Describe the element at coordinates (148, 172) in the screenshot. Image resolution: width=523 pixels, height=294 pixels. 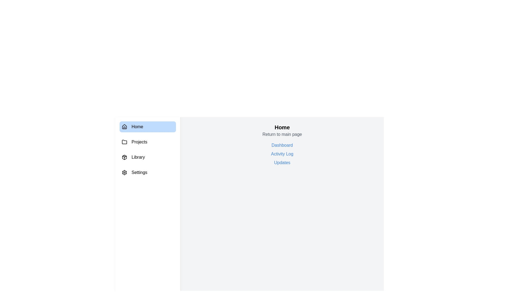
I see `the 'Settings' navigation link, which is the fourth item in the menu` at that location.